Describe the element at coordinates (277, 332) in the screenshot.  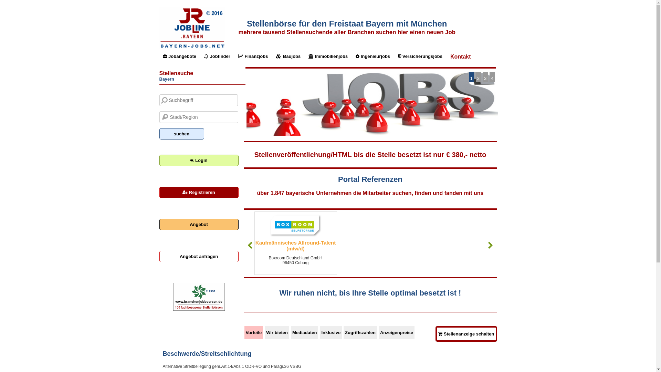
I see `'Wir bieten'` at that location.